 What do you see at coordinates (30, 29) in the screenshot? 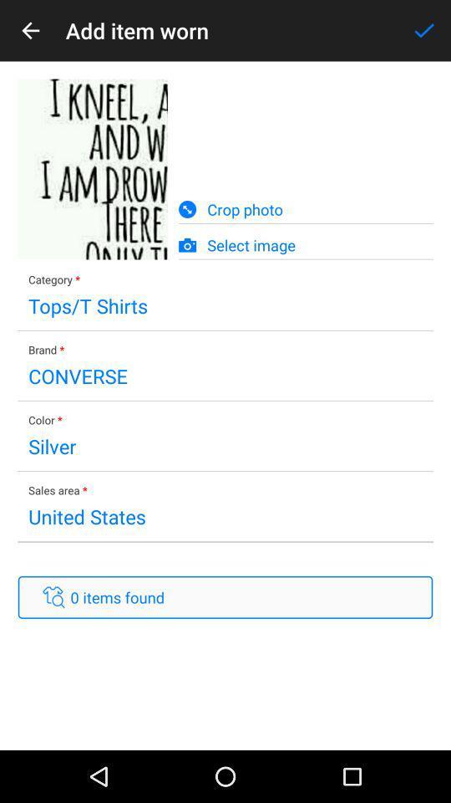
I see `icon next to the add item worn icon` at bounding box center [30, 29].